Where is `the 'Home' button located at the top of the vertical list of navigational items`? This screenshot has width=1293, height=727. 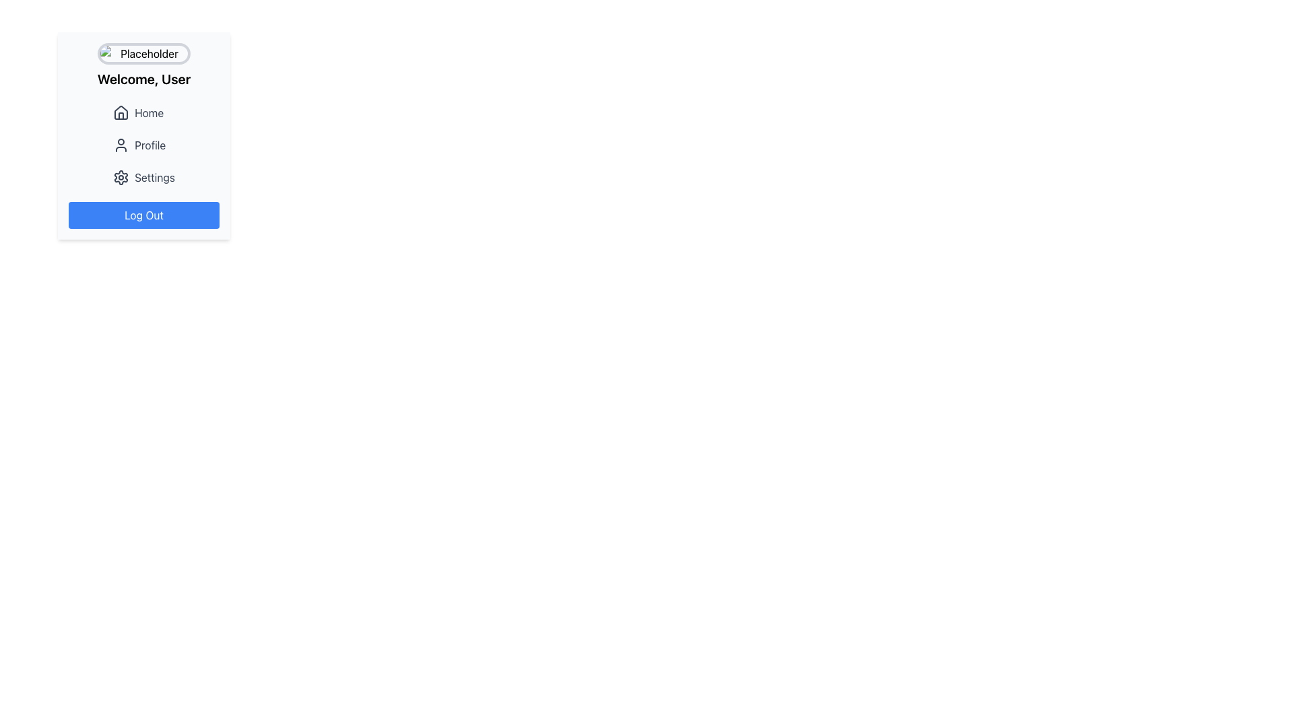
the 'Home' button located at the top of the vertical list of navigational items is located at coordinates (144, 112).